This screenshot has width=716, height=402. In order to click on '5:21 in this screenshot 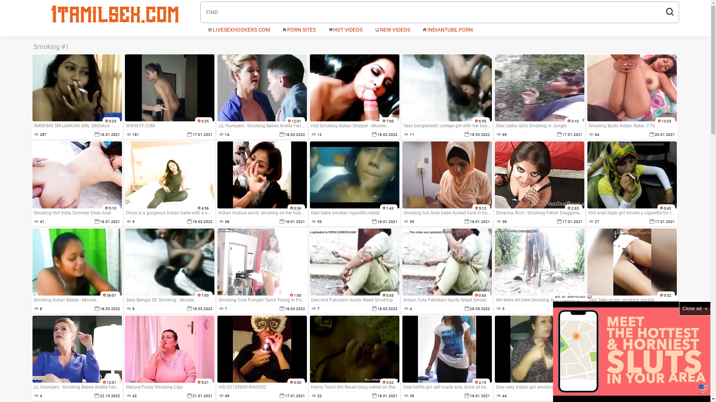, I will do `click(169, 357)`.